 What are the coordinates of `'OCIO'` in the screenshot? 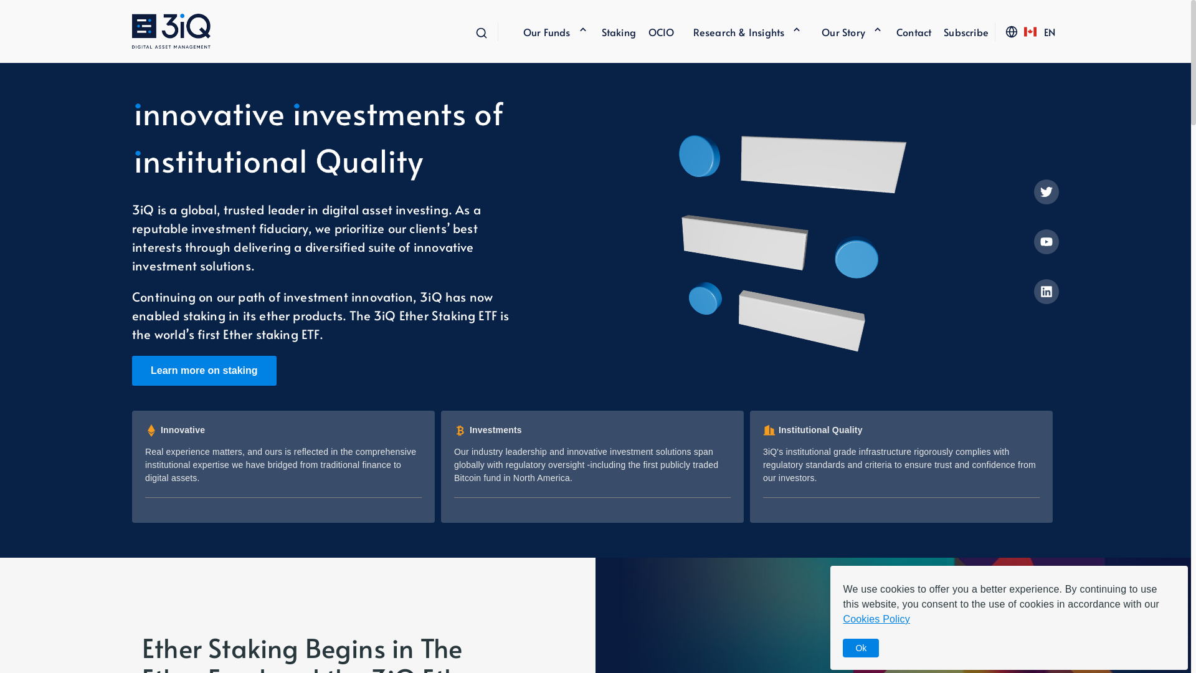 It's located at (654, 31).